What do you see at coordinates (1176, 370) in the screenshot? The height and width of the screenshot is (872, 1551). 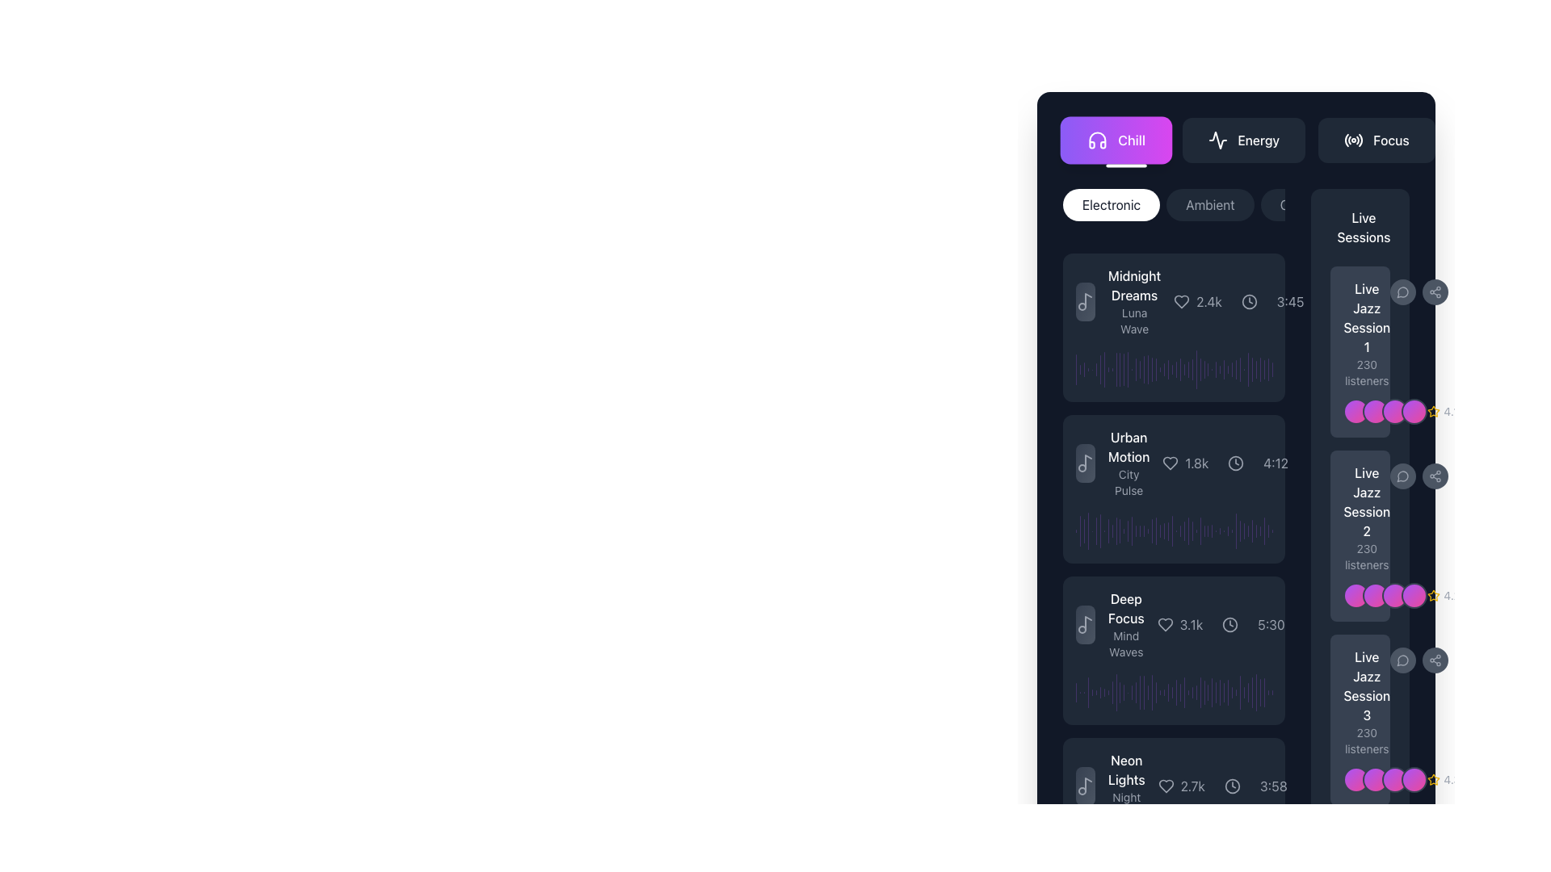 I see `the 25th graphical bar element in the chart to interact with it` at bounding box center [1176, 370].